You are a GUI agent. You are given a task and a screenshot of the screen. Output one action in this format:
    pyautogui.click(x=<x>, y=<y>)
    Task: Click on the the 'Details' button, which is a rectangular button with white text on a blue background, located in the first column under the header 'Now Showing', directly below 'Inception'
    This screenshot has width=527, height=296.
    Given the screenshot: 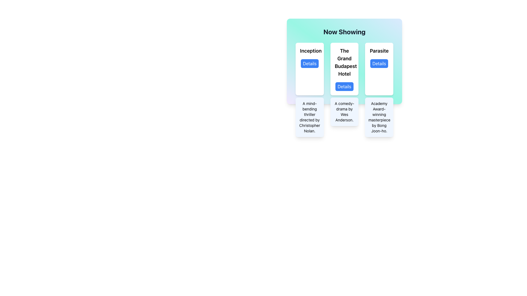 What is the action you would take?
    pyautogui.click(x=310, y=63)
    